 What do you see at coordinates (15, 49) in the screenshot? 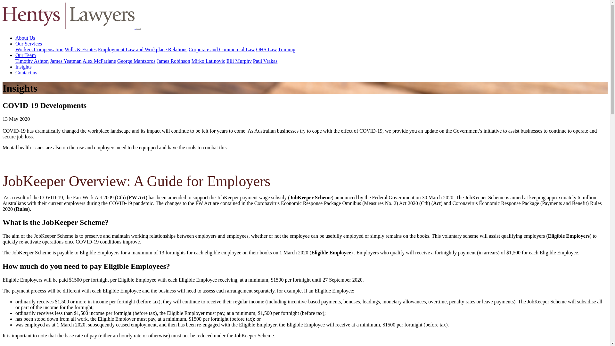
I see `'Workers Compensation'` at bounding box center [15, 49].